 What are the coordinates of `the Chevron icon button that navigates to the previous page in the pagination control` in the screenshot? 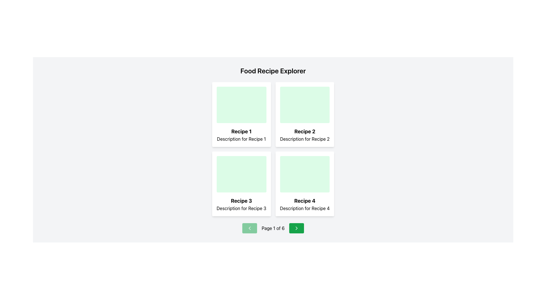 It's located at (250, 228).